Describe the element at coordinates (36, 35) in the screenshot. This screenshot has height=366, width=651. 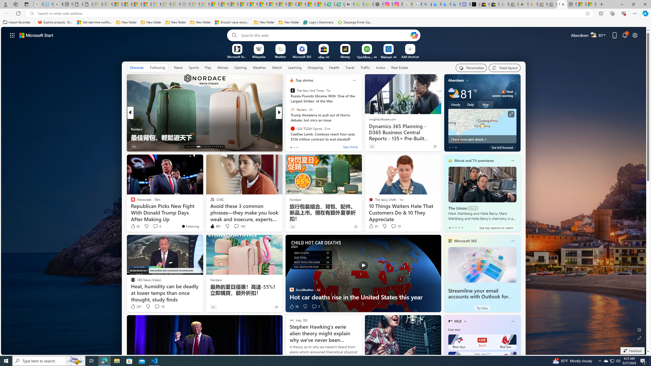
I see `'Microsoft start'` at that location.